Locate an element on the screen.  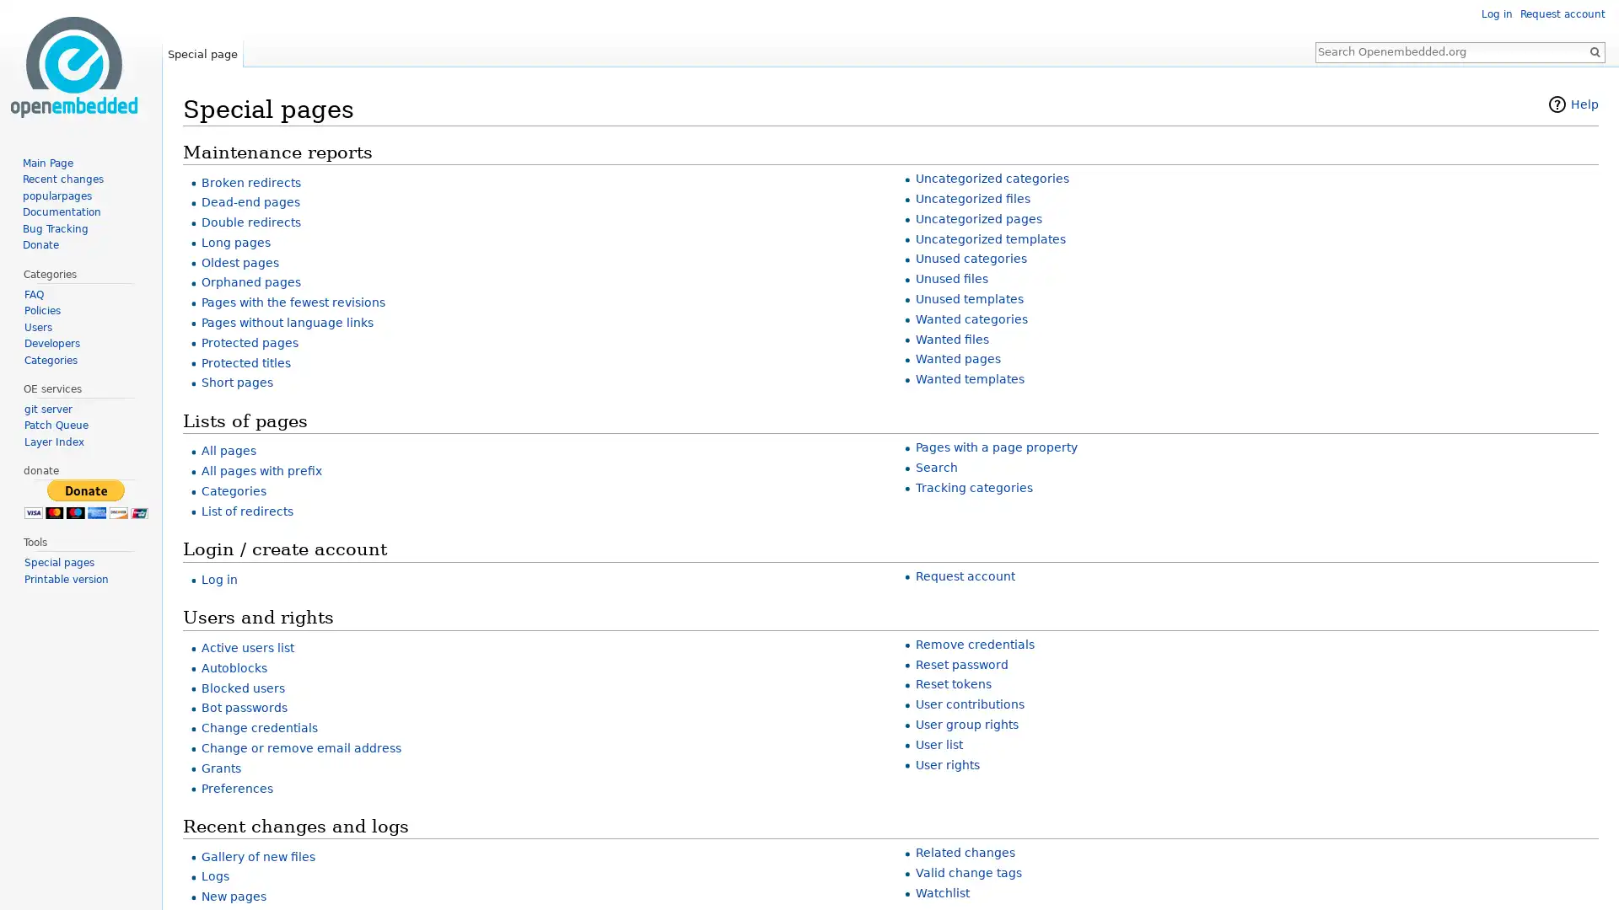
Go is located at coordinates (1594, 51).